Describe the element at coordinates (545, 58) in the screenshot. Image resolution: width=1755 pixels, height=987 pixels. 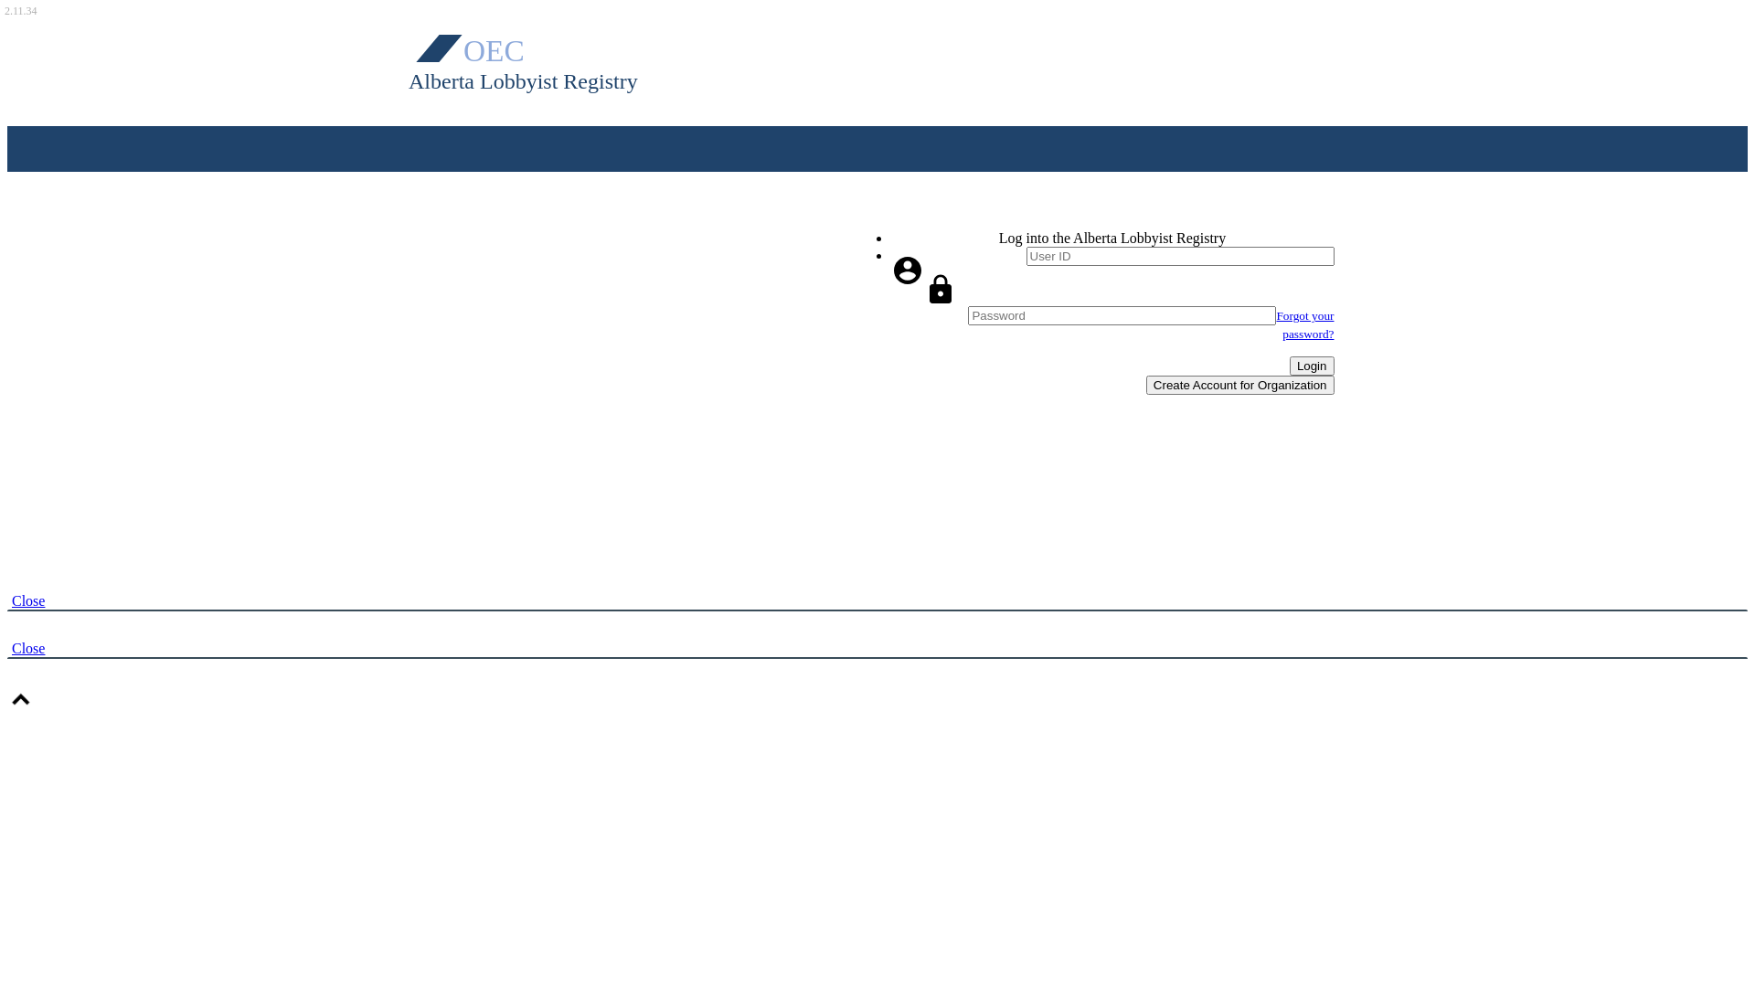
I see `'OEC` at that location.